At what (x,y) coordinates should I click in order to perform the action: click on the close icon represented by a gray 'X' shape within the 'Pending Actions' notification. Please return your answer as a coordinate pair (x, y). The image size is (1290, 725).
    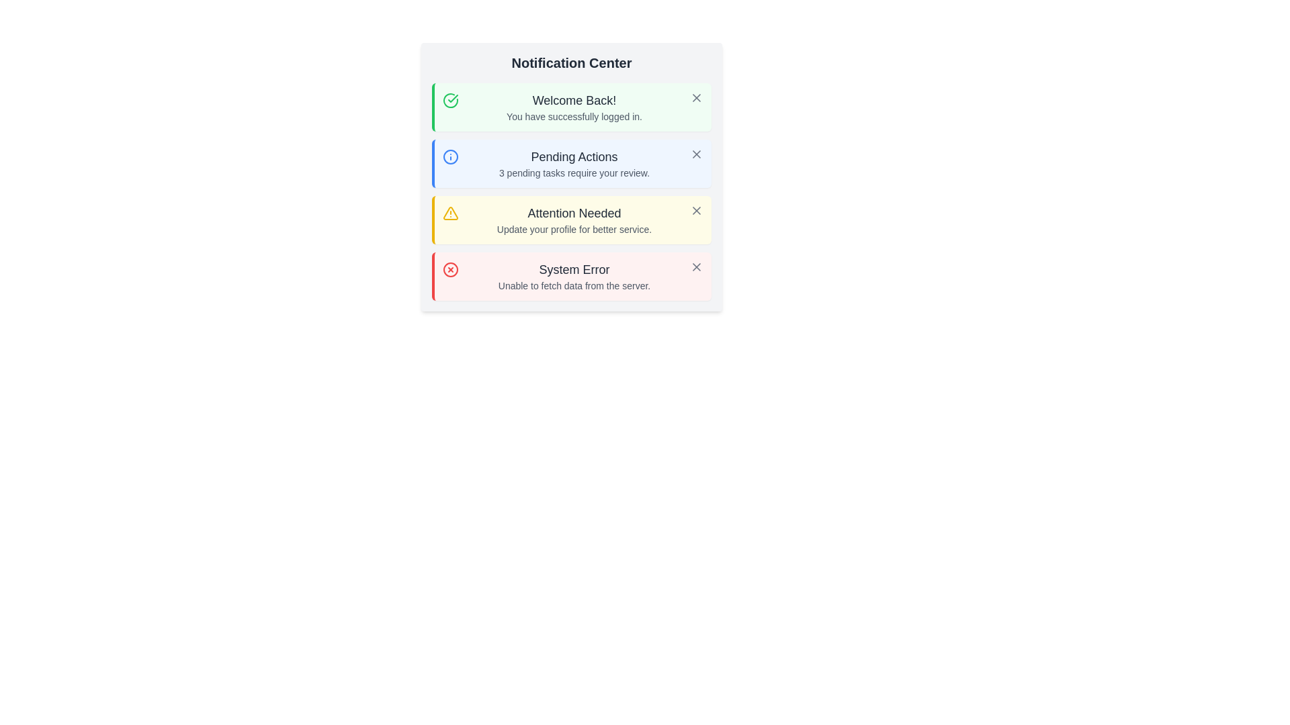
    Looking at the image, I should click on (696, 154).